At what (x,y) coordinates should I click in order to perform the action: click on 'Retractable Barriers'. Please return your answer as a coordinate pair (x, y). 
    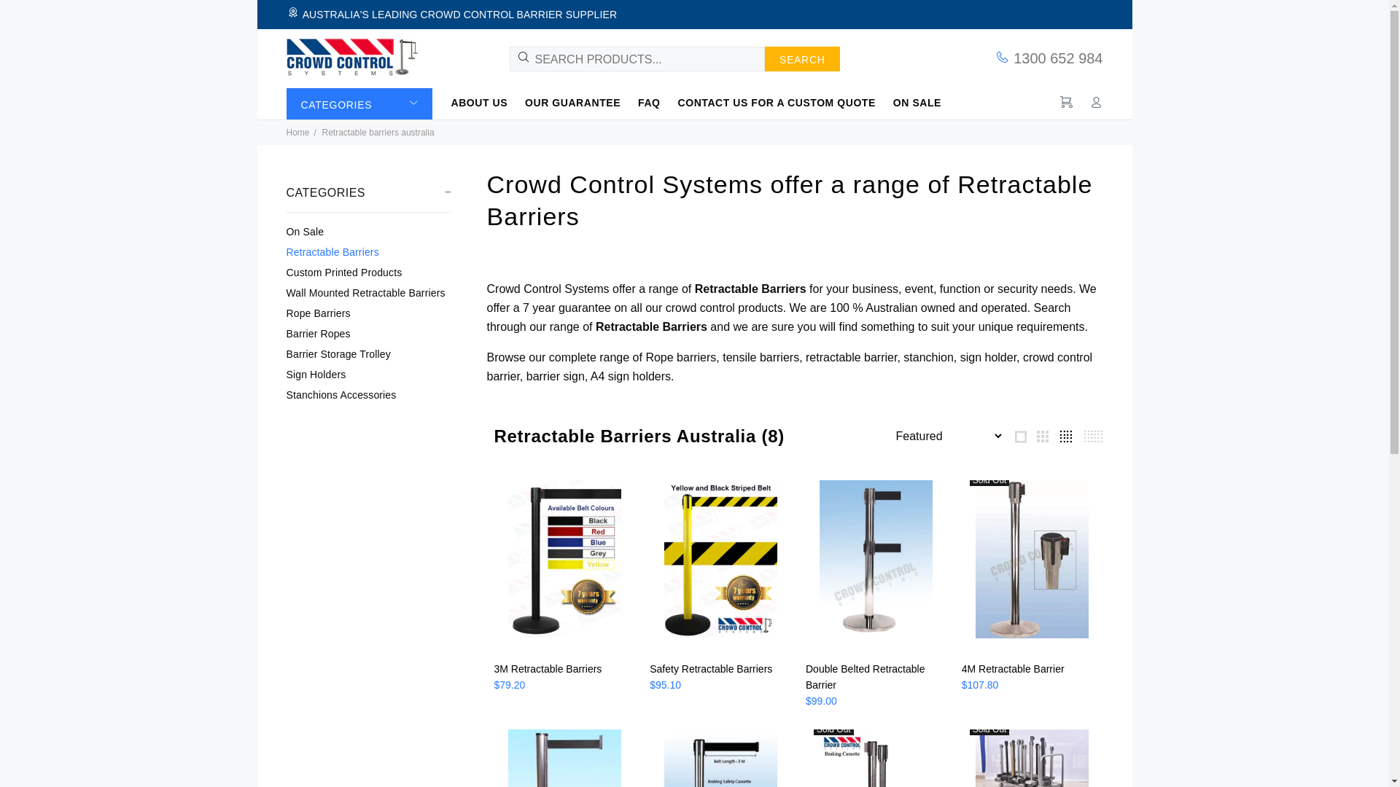
    Looking at the image, I should click on (367, 251).